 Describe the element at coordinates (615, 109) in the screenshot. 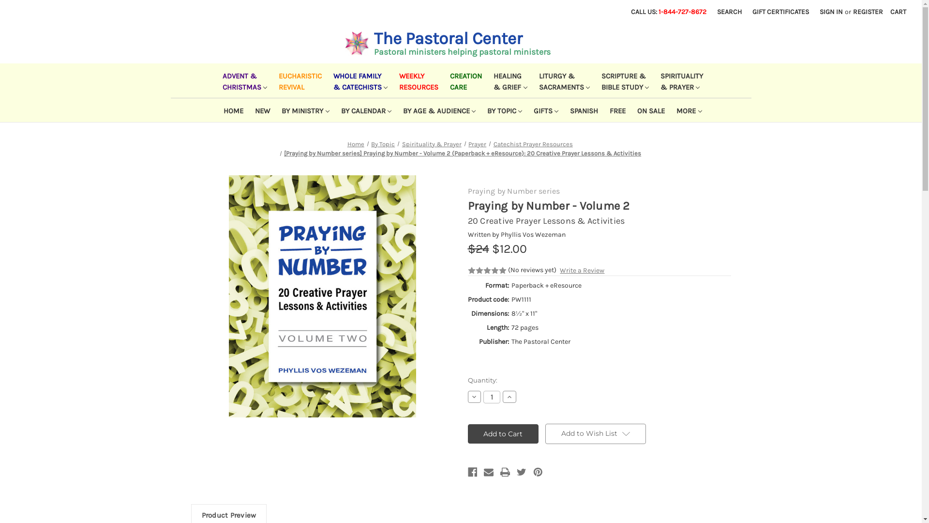

I see `'FREE'` at that location.